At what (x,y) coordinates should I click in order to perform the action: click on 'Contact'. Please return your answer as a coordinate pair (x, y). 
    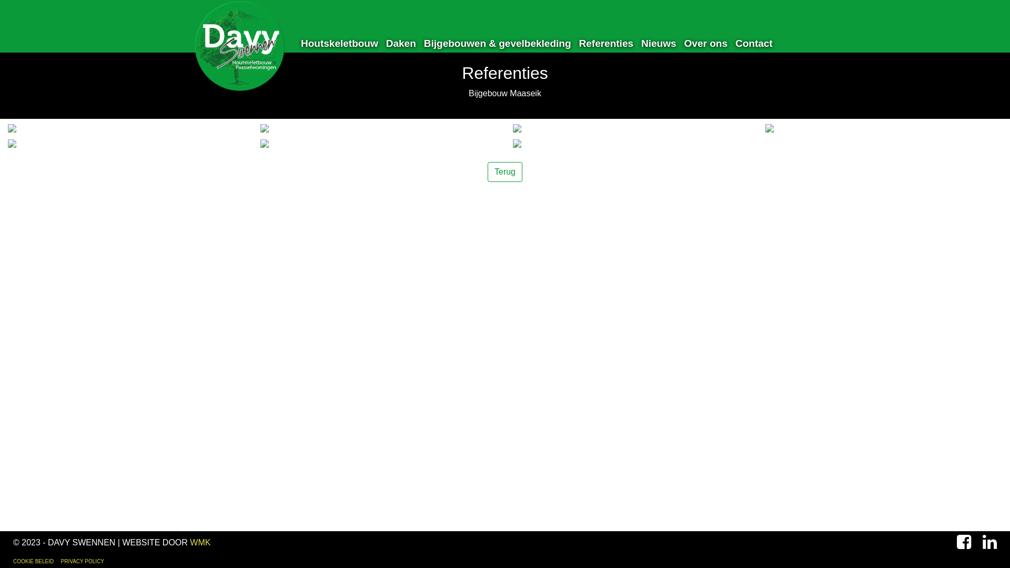
    Looking at the image, I should click on (726, 43).